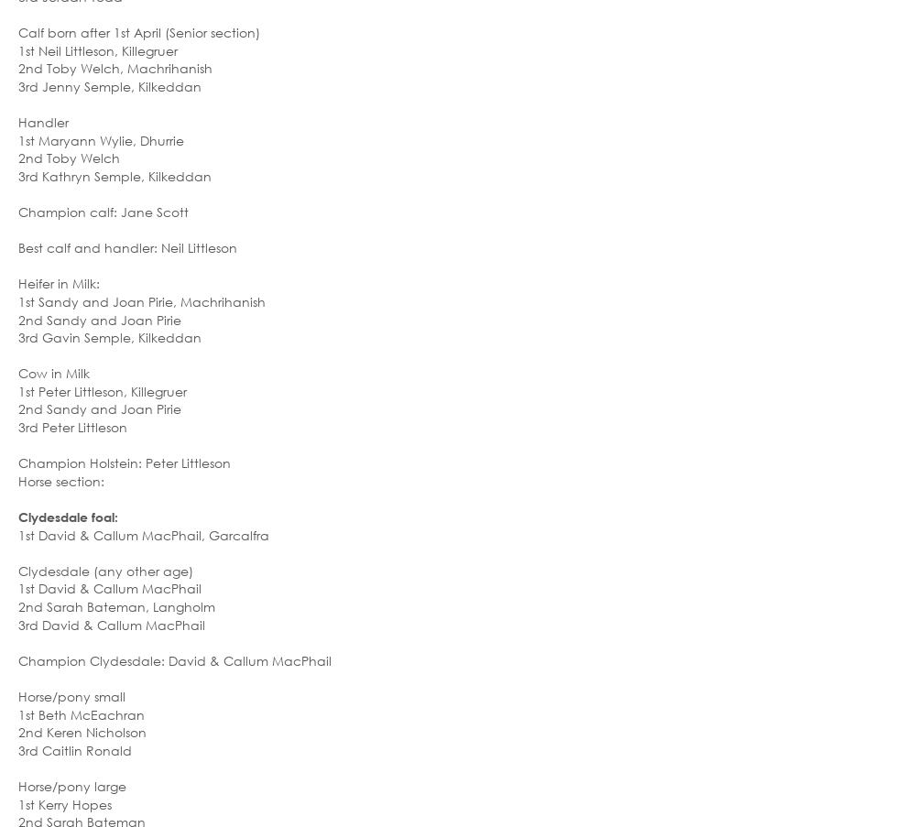 The height and width of the screenshot is (827, 916). I want to click on '3rd Caitlin Ronald', so click(74, 748).